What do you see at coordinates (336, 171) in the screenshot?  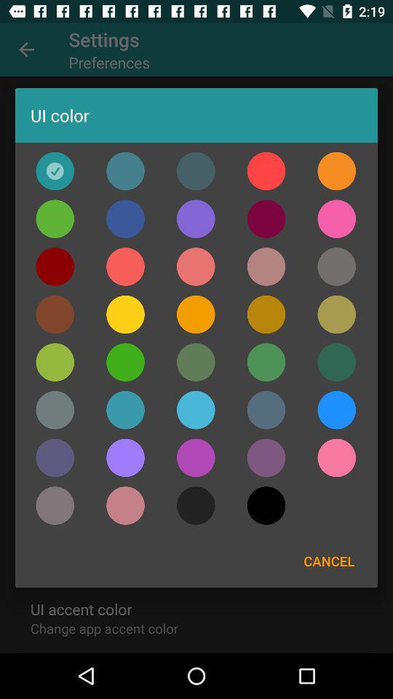 I see `icon below ui color` at bounding box center [336, 171].